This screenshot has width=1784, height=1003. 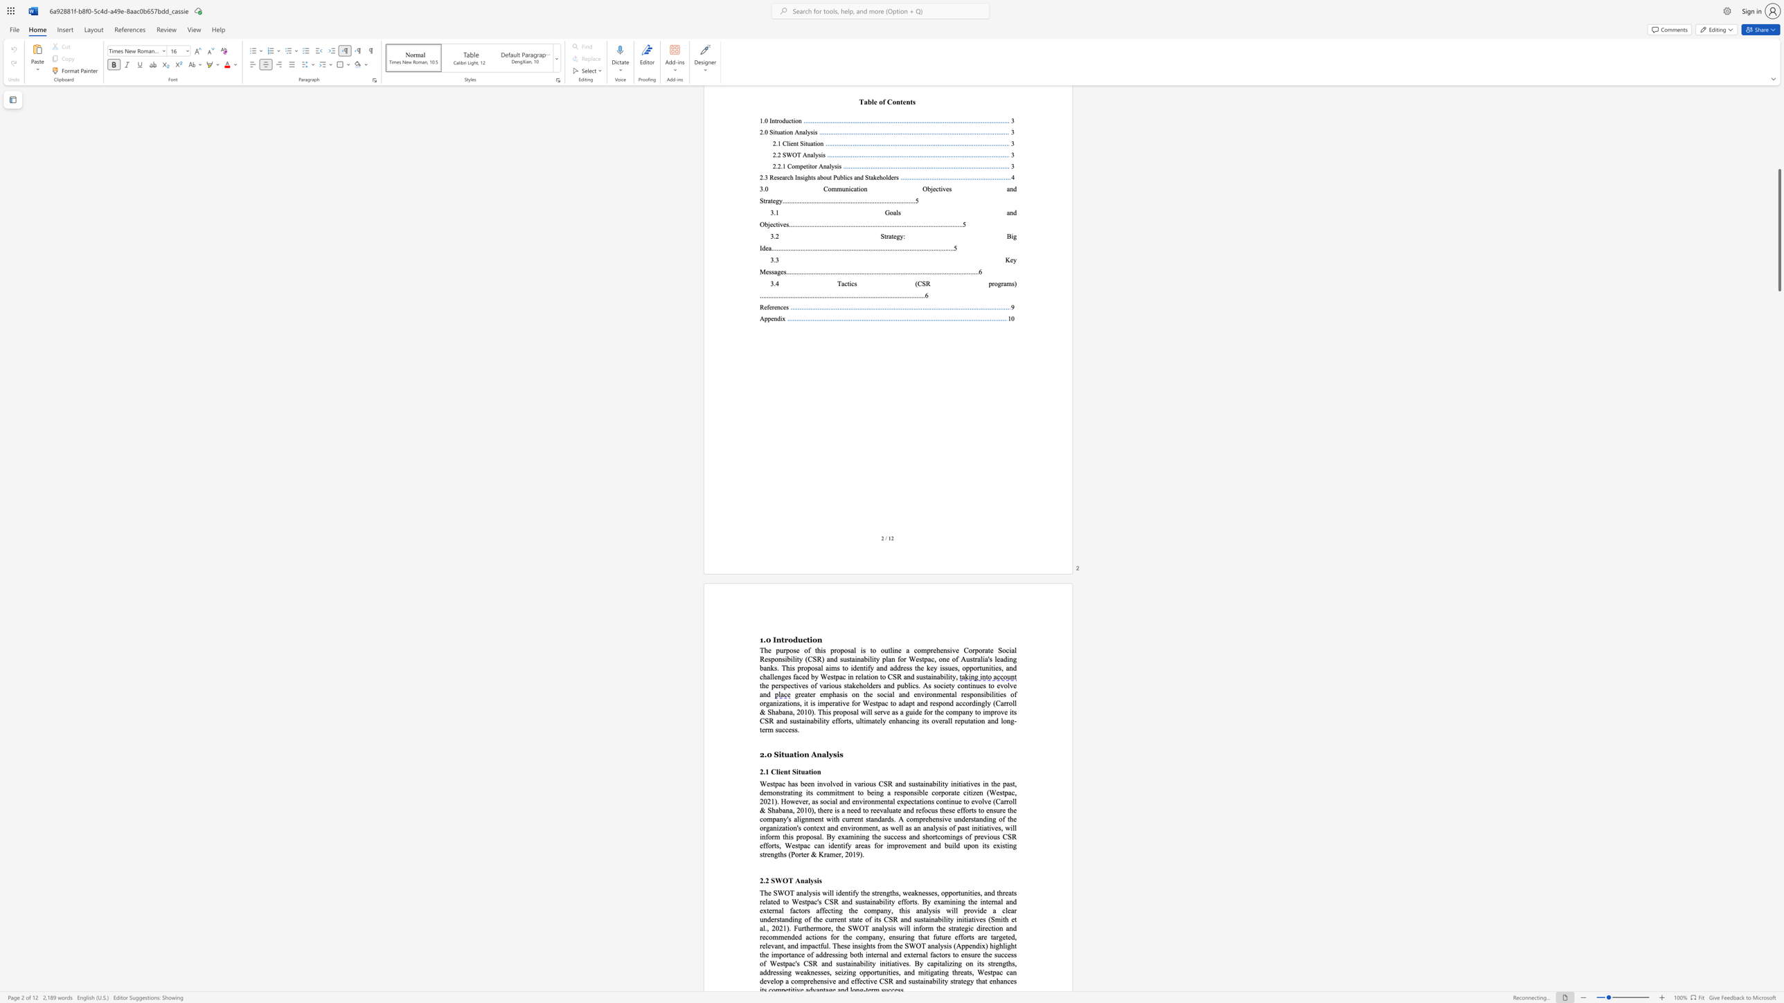 What do you see at coordinates (1013, 792) in the screenshot?
I see `the 4th character "c" in the text` at bounding box center [1013, 792].